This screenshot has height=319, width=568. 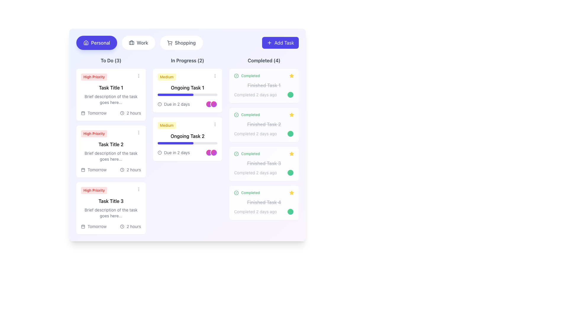 What do you see at coordinates (236, 193) in the screenshot?
I see `the central circular part of the checkmark icon under the 'Completed' tasks section, which visually indicates the completion of 'Finished Task 1'` at bounding box center [236, 193].